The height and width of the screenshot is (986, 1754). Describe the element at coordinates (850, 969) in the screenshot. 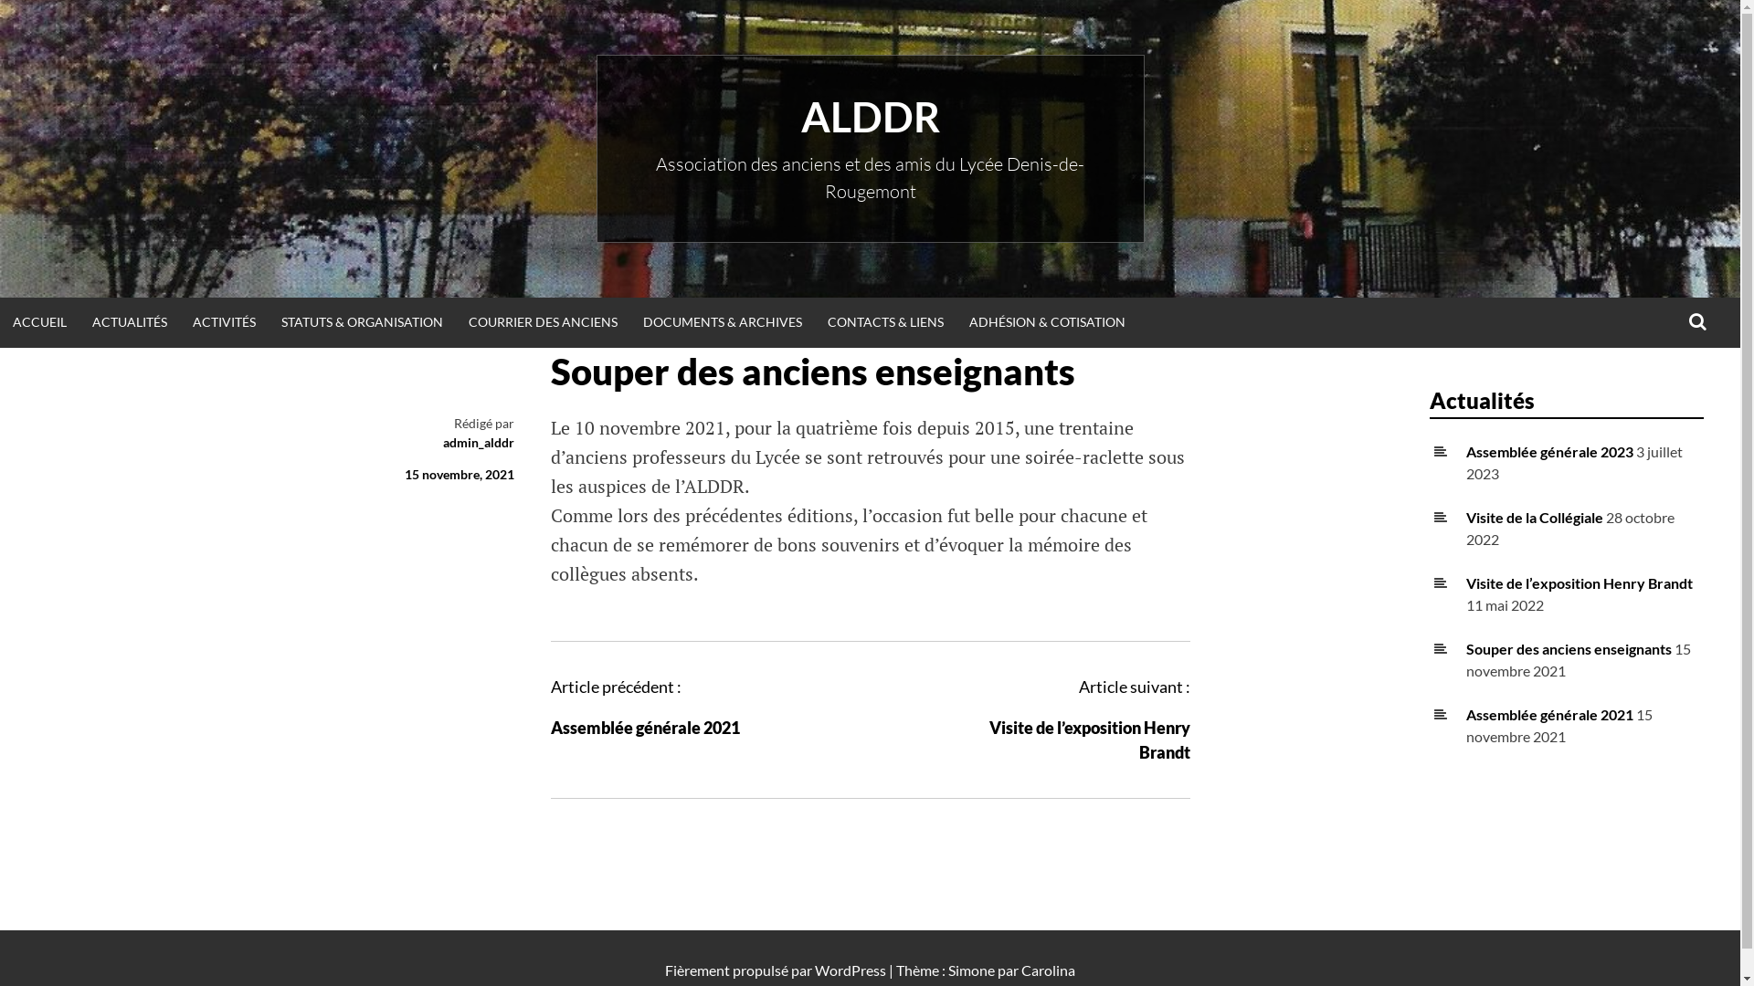

I see `'WordPress'` at that location.